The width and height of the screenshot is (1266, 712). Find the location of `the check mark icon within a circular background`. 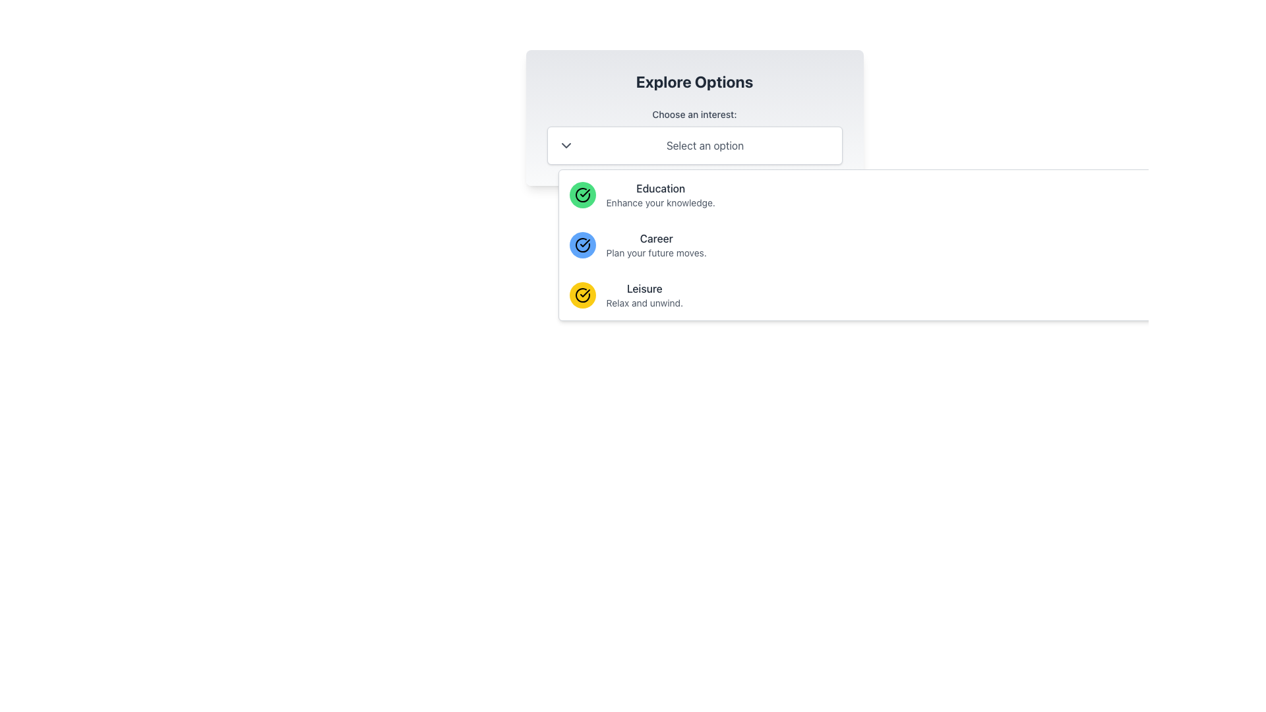

the check mark icon within a circular background is located at coordinates (582, 195).